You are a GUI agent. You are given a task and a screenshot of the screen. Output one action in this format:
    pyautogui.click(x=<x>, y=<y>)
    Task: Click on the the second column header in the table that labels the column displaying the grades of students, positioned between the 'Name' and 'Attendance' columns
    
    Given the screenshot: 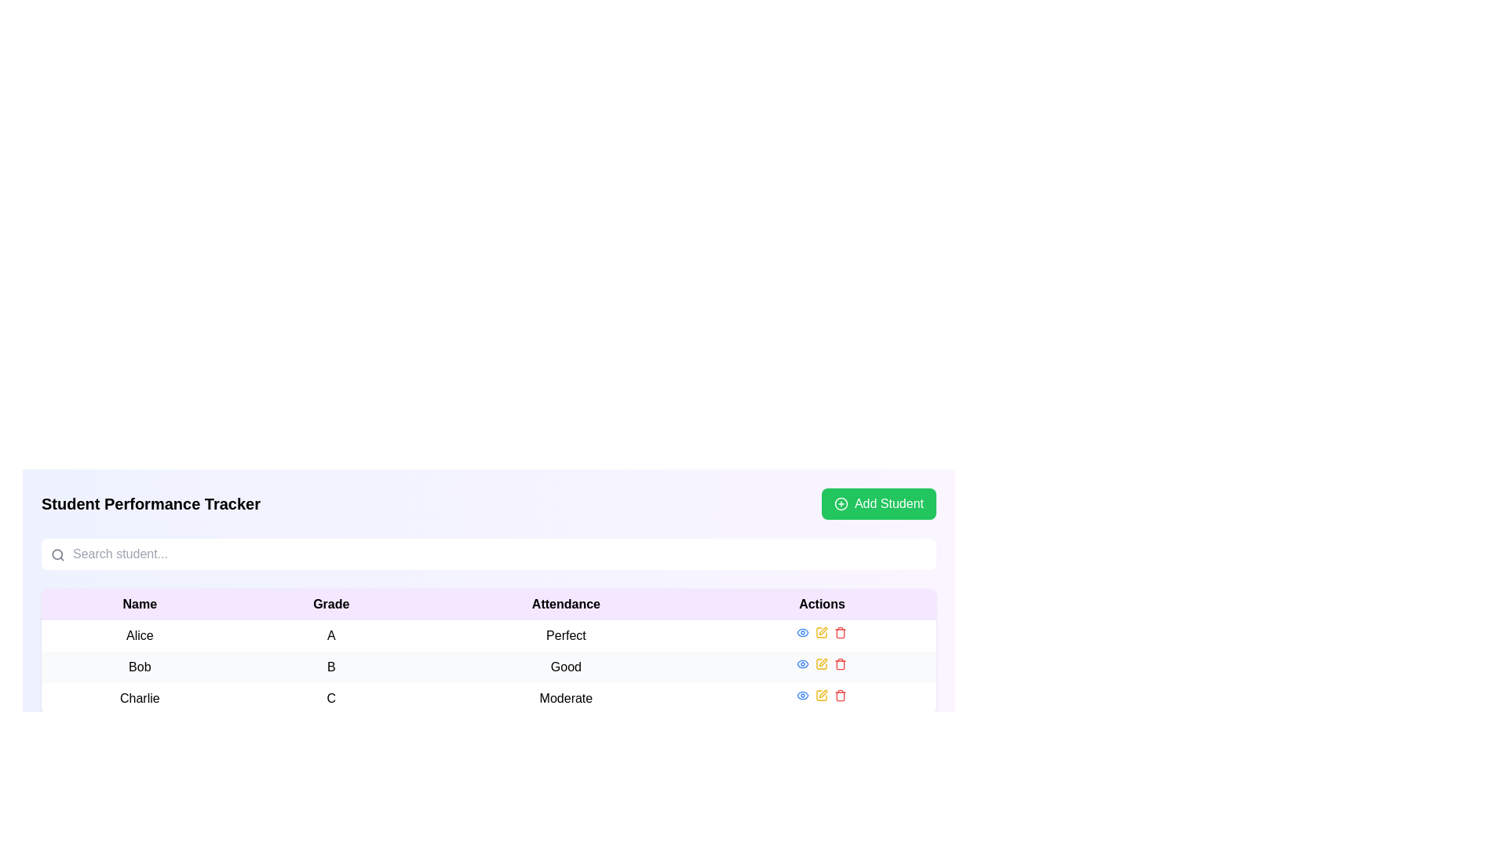 What is the action you would take?
    pyautogui.click(x=330, y=604)
    